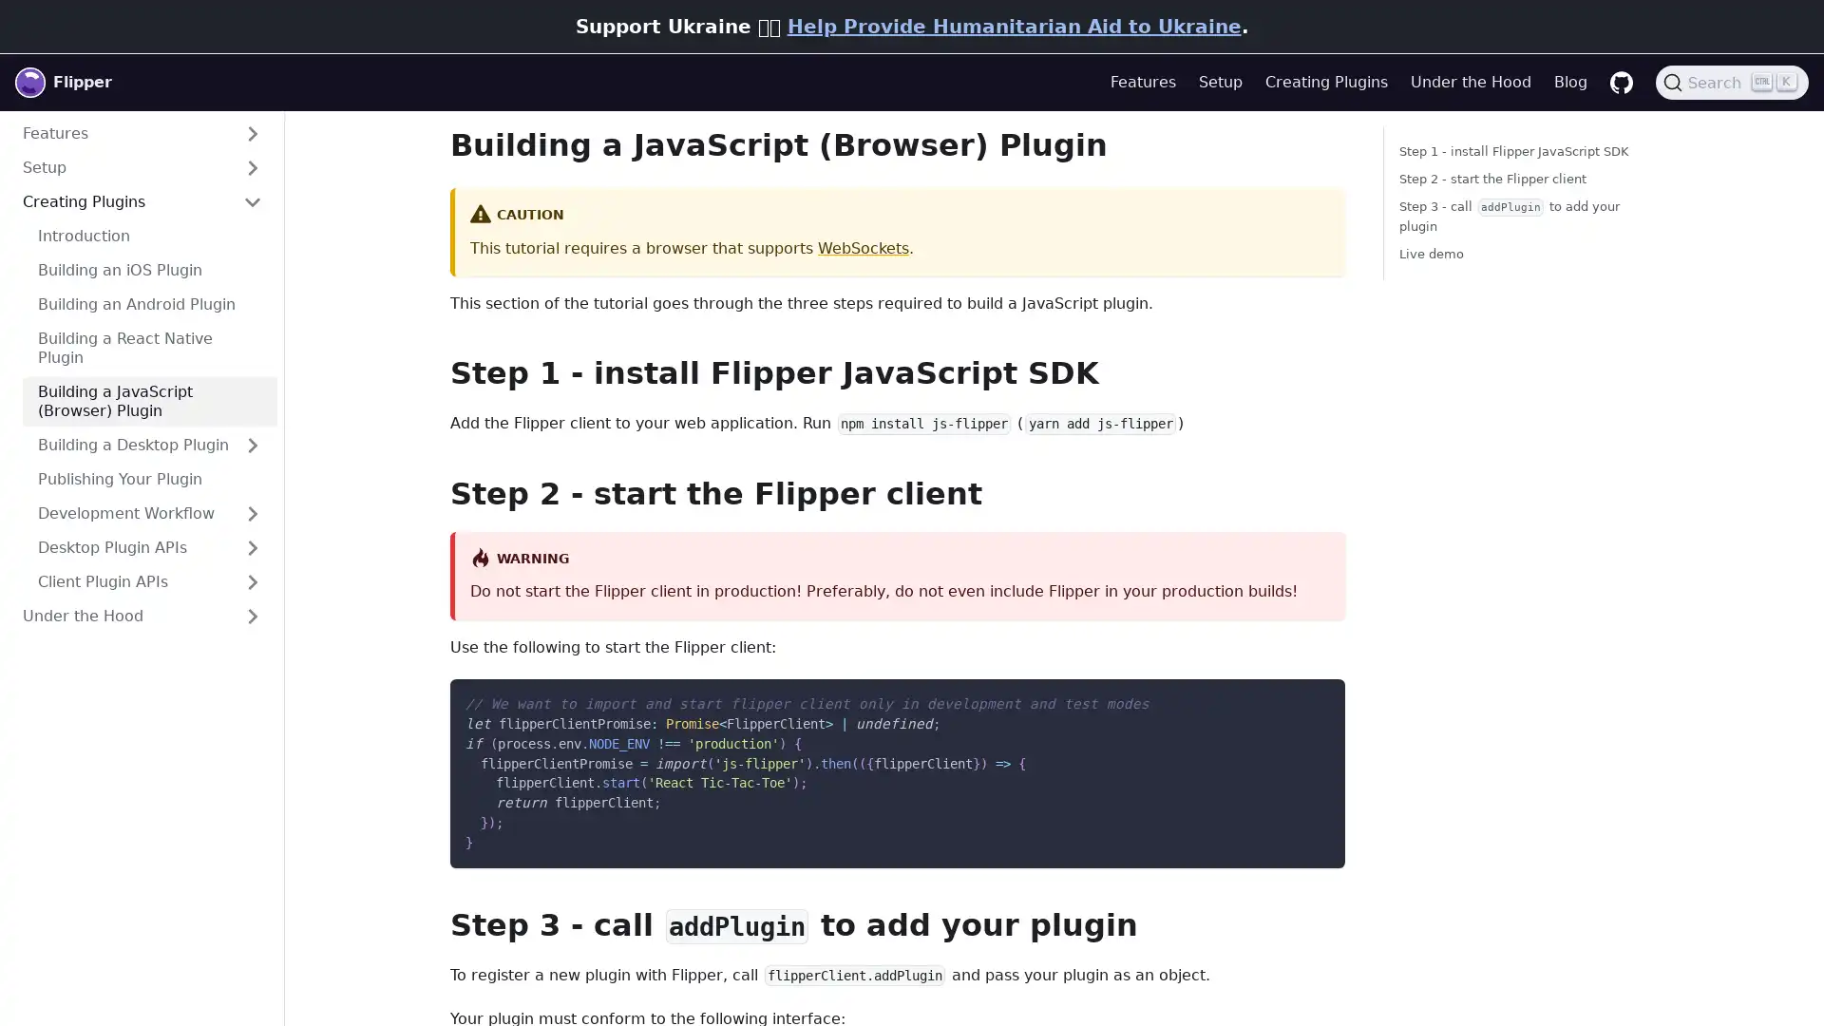 The height and width of the screenshot is (1026, 1824). What do you see at coordinates (1732, 82) in the screenshot?
I see `Search` at bounding box center [1732, 82].